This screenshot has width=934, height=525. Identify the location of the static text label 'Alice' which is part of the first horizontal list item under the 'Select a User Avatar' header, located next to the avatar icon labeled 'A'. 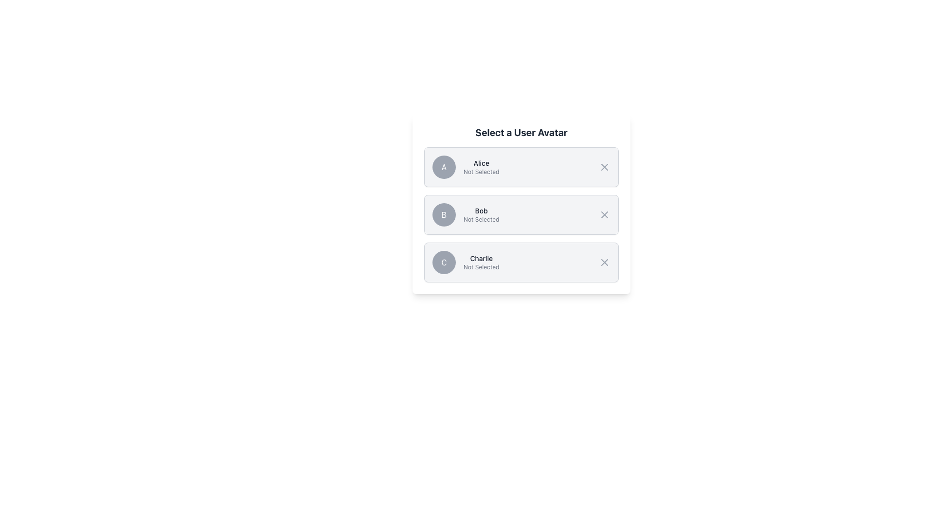
(481, 162).